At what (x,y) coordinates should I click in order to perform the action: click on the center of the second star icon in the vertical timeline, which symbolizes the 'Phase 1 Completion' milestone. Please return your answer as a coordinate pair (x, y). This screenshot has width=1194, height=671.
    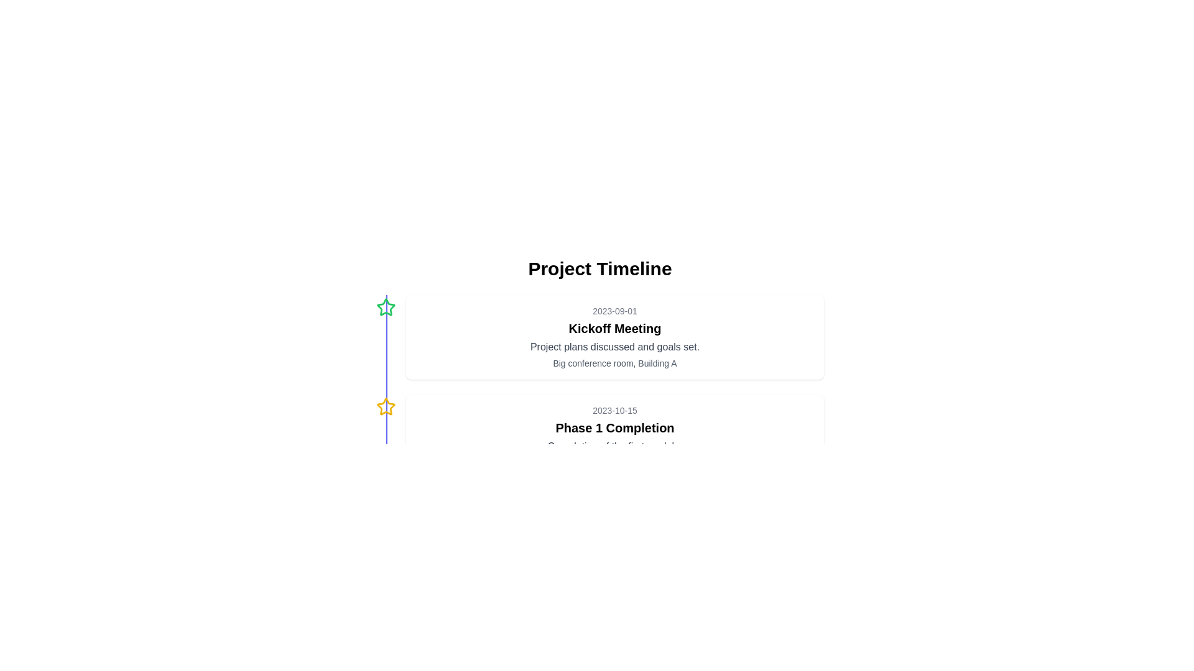
    Looking at the image, I should click on (385, 407).